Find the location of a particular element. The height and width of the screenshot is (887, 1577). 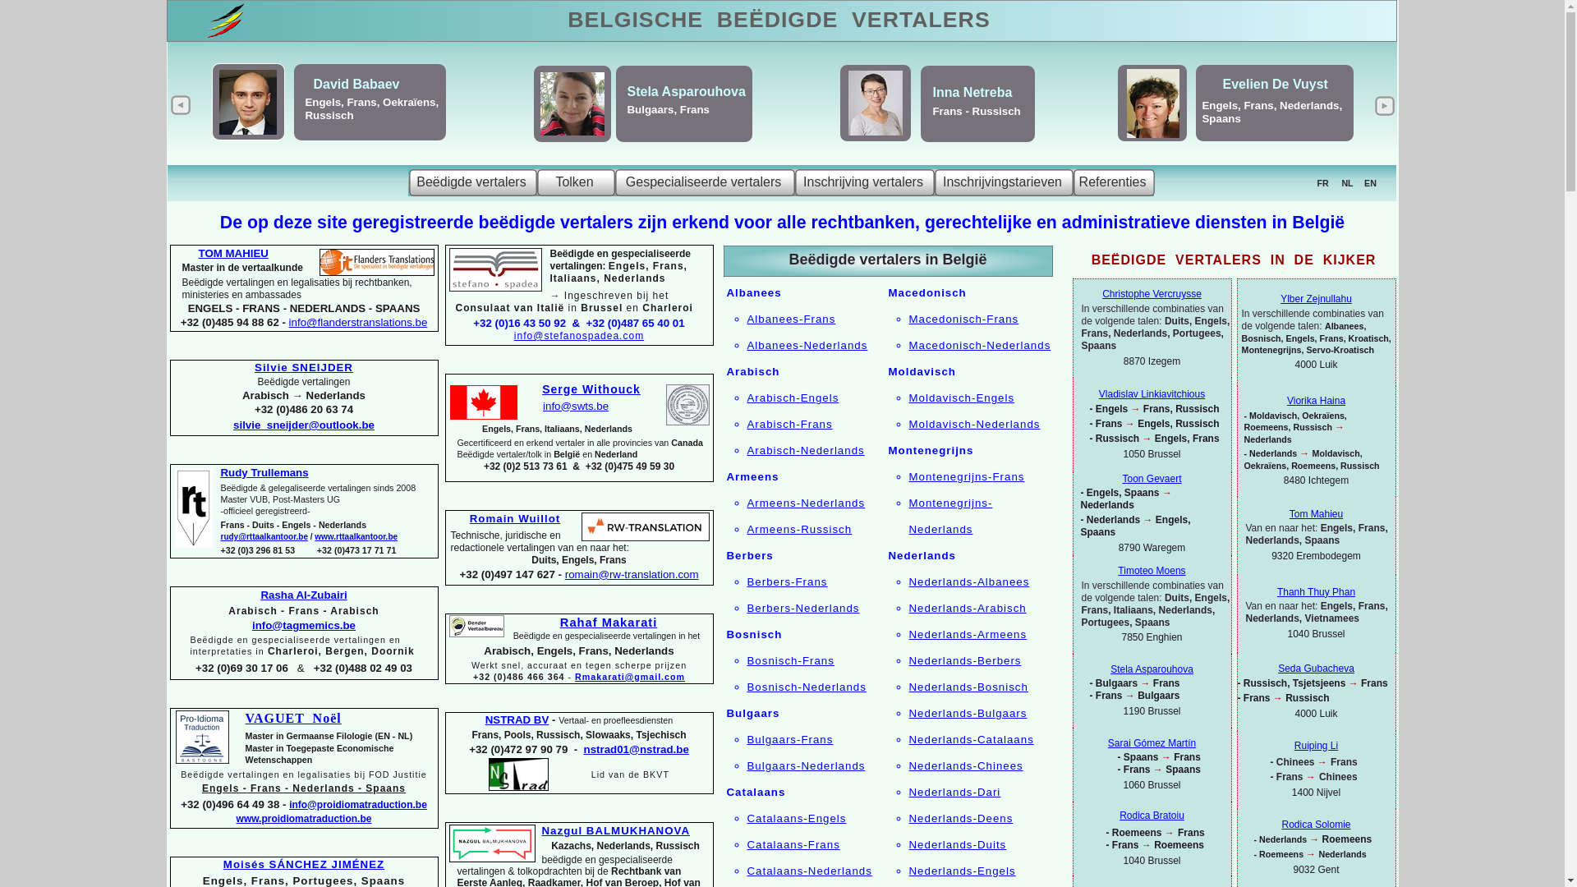

'info@stefanospadea.com' is located at coordinates (579, 334).